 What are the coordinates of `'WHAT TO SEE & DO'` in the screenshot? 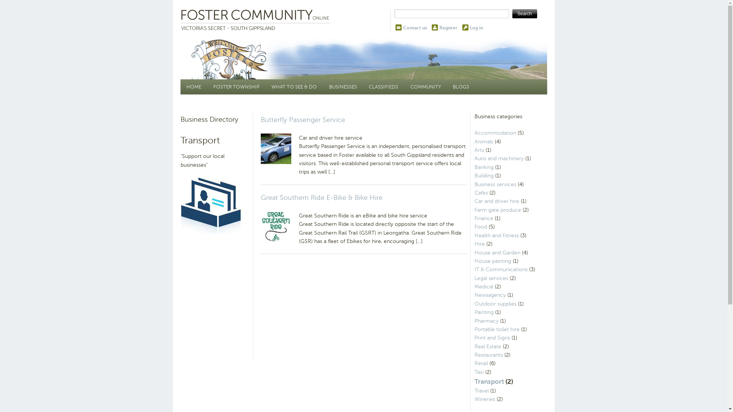 It's located at (294, 86).